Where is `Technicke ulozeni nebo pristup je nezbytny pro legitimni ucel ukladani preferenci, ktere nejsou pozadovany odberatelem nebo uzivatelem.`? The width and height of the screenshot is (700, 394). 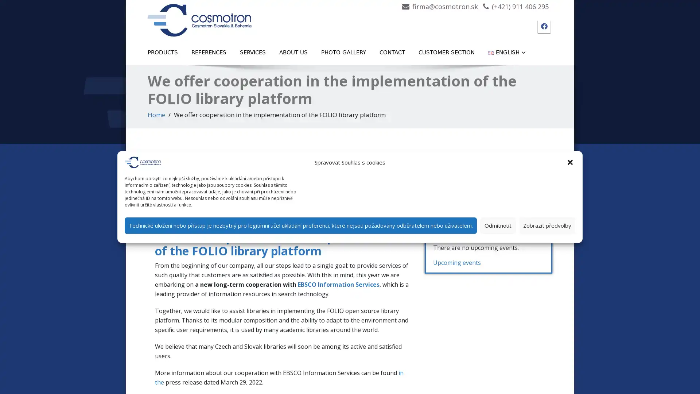
Technicke ulozeni nebo pristup je nezbytny pro legitimni ucel ukladani preferenci, ktere nejsou pozadovany odberatelem nebo uzivatelem. is located at coordinates (301, 225).